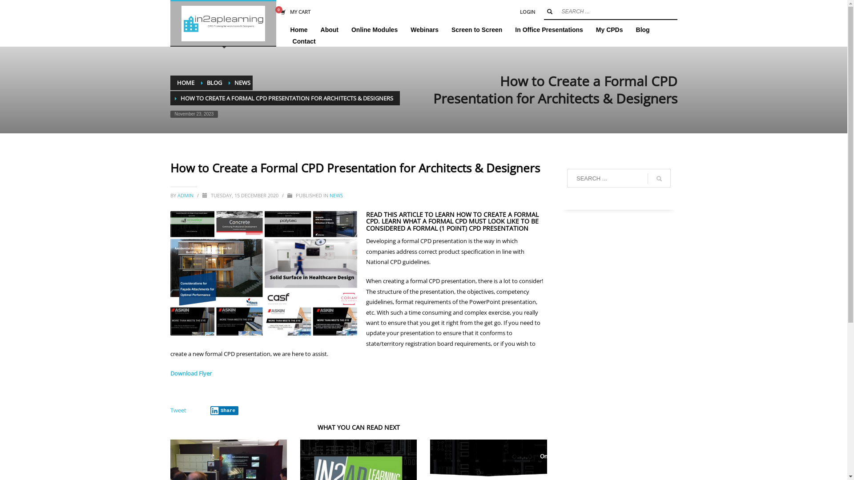 Image resolution: width=854 pixels, height=480 pixels. What do you see at coordinates (299, 29) in the screenshot?
I see `'Home'` at bounding box center [299, 29].